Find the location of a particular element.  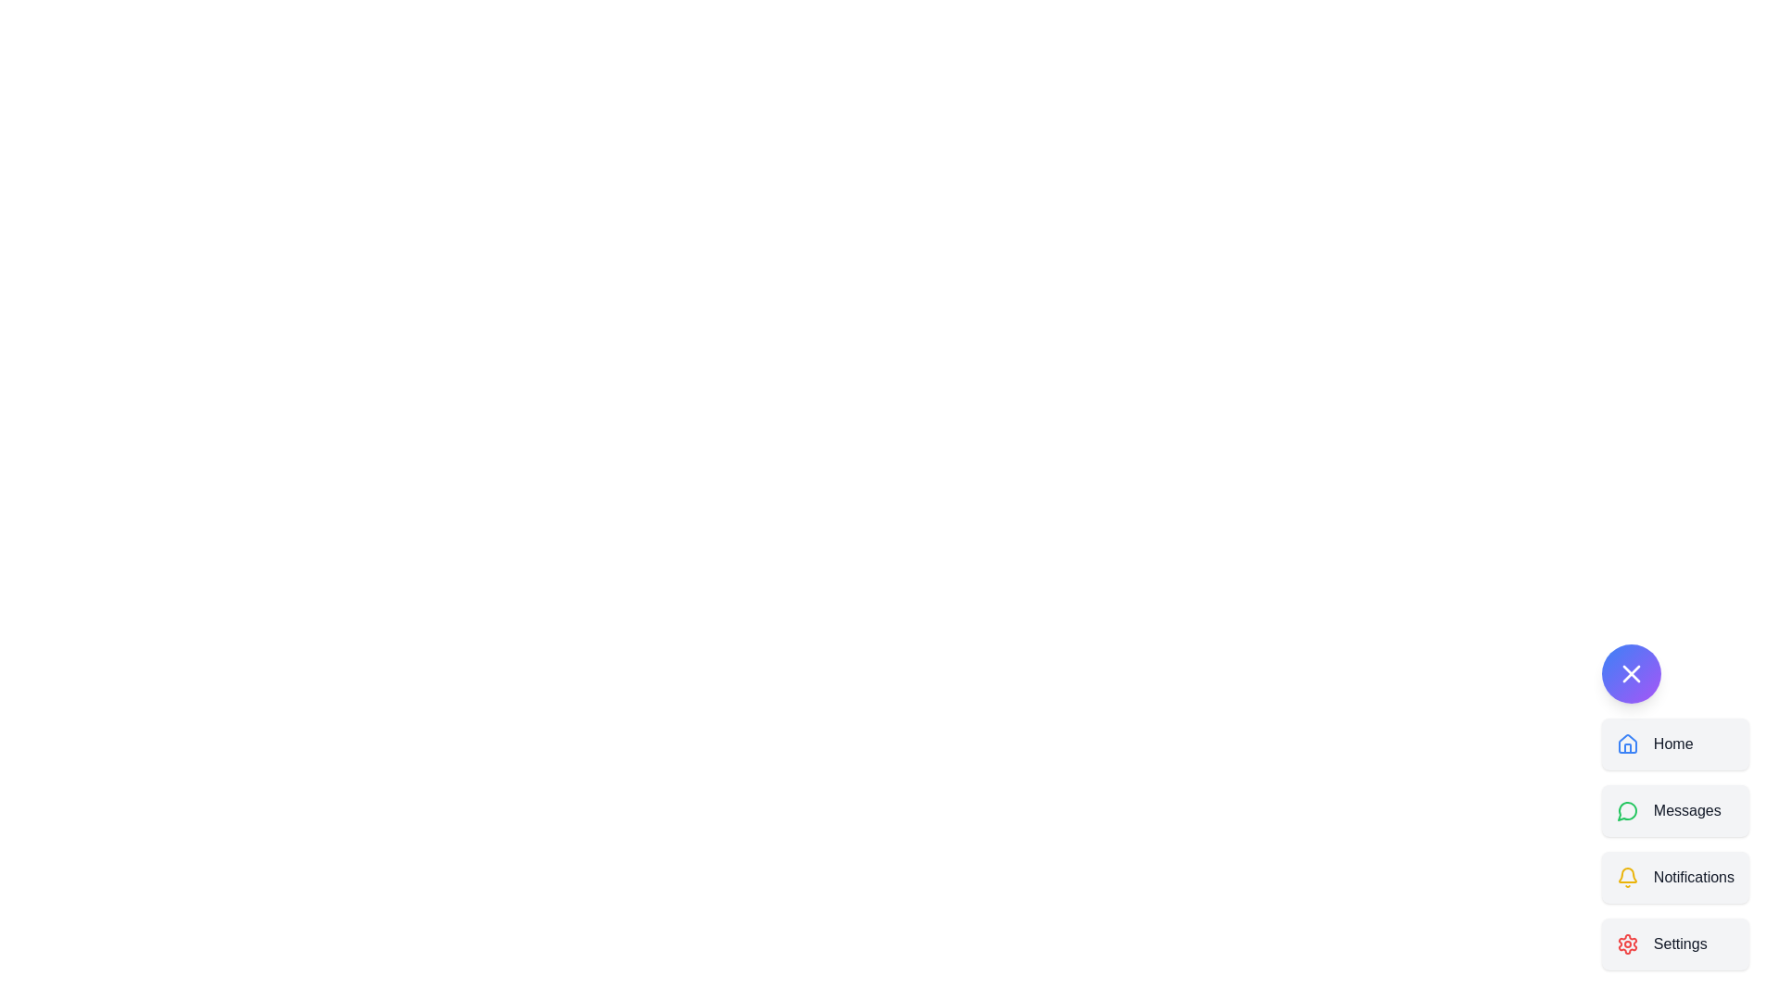

the red gear or settings icon located at the bottom of the vertical menu list is located at coordinates (1626, 944).